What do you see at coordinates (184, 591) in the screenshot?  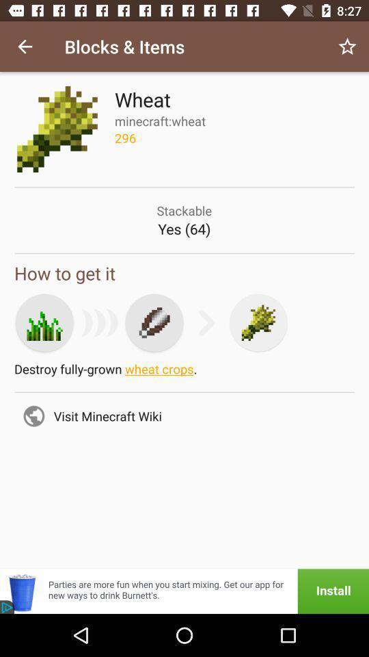 I see `install third party app` at bounding box center [184, 591].